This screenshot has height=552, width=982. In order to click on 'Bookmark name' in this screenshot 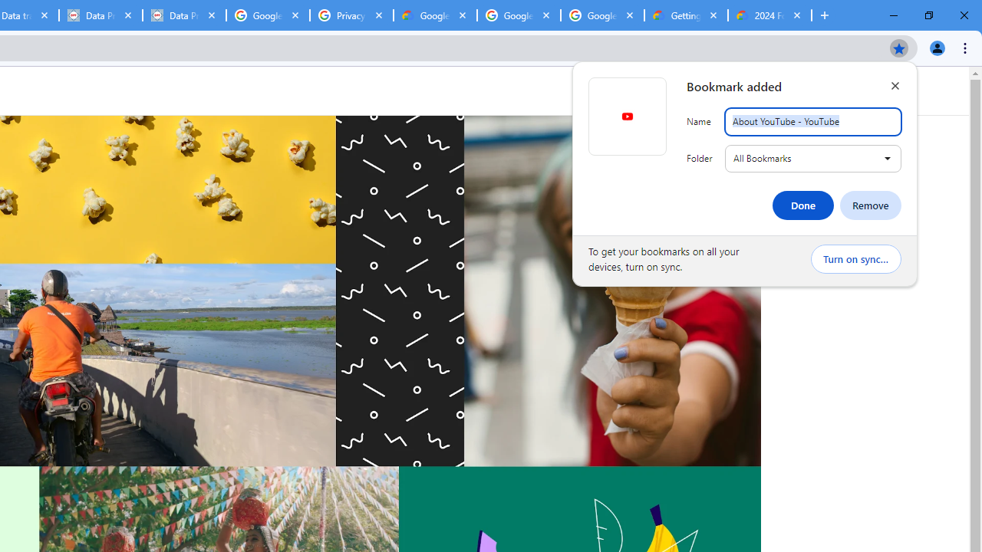, I will do `click(812, 121)`.